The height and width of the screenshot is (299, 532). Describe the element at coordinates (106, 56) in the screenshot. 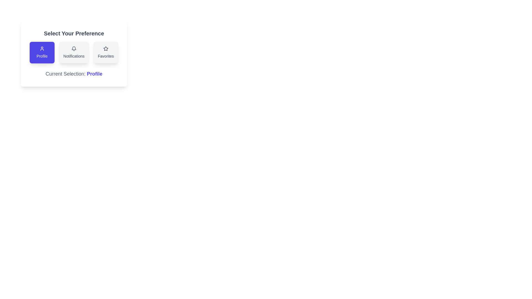

I see `the 'Favorites' text label, which is the third option in the horizontally aligned group under 'Select Your Preferences'` at that location.